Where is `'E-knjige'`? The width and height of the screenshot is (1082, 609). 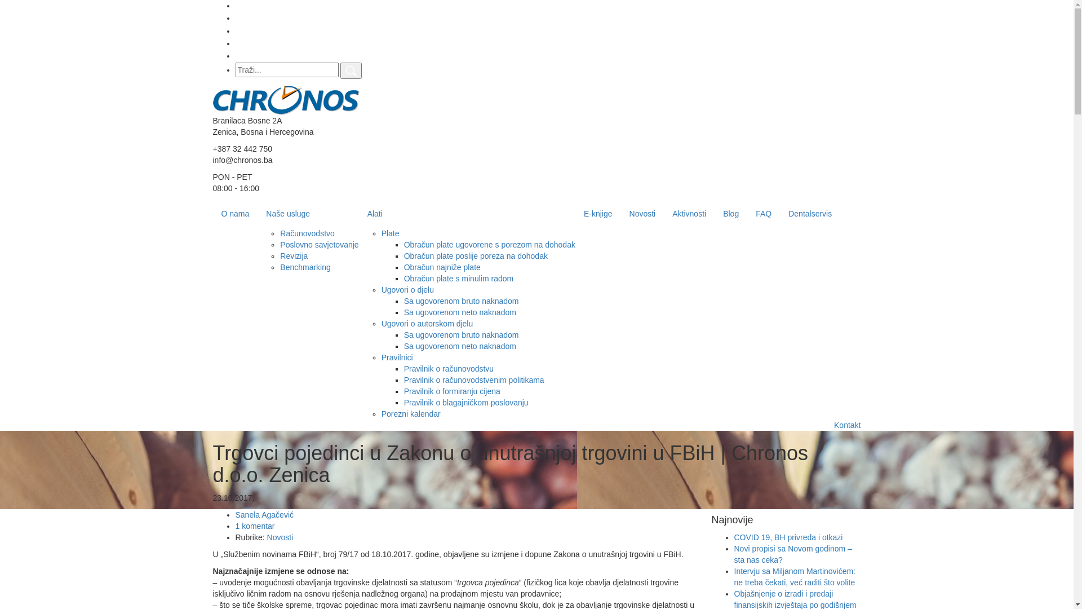 'E-knjige' is located at coordinates (597, 213).